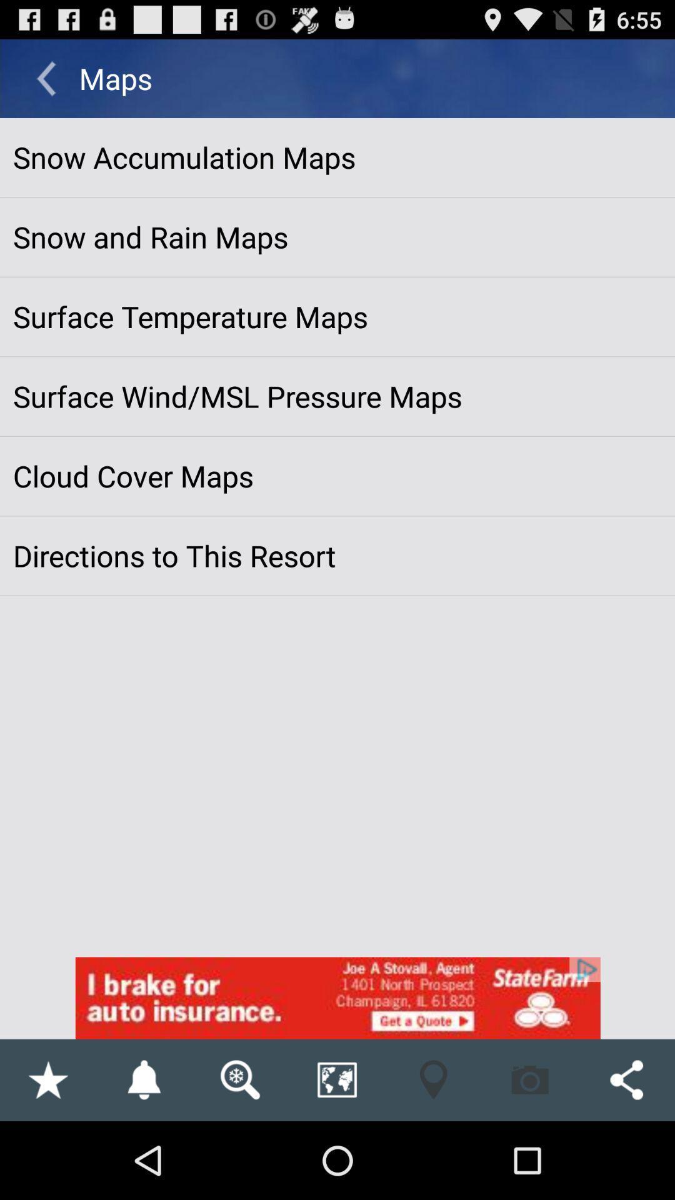  I want to click on the button on the top left corner of the web page, so click(46, 77).